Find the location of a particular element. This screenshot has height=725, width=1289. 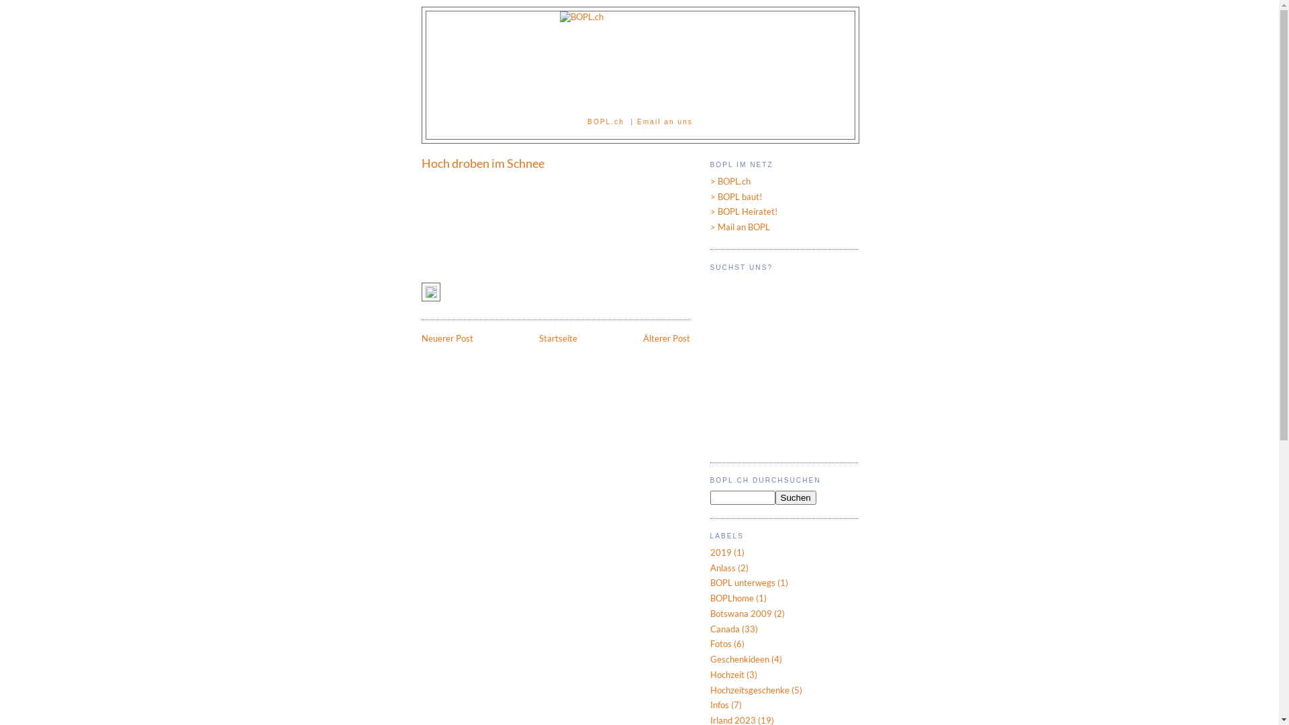

'Hochzeitsgeschenke' is located at coordinates (749, 690).